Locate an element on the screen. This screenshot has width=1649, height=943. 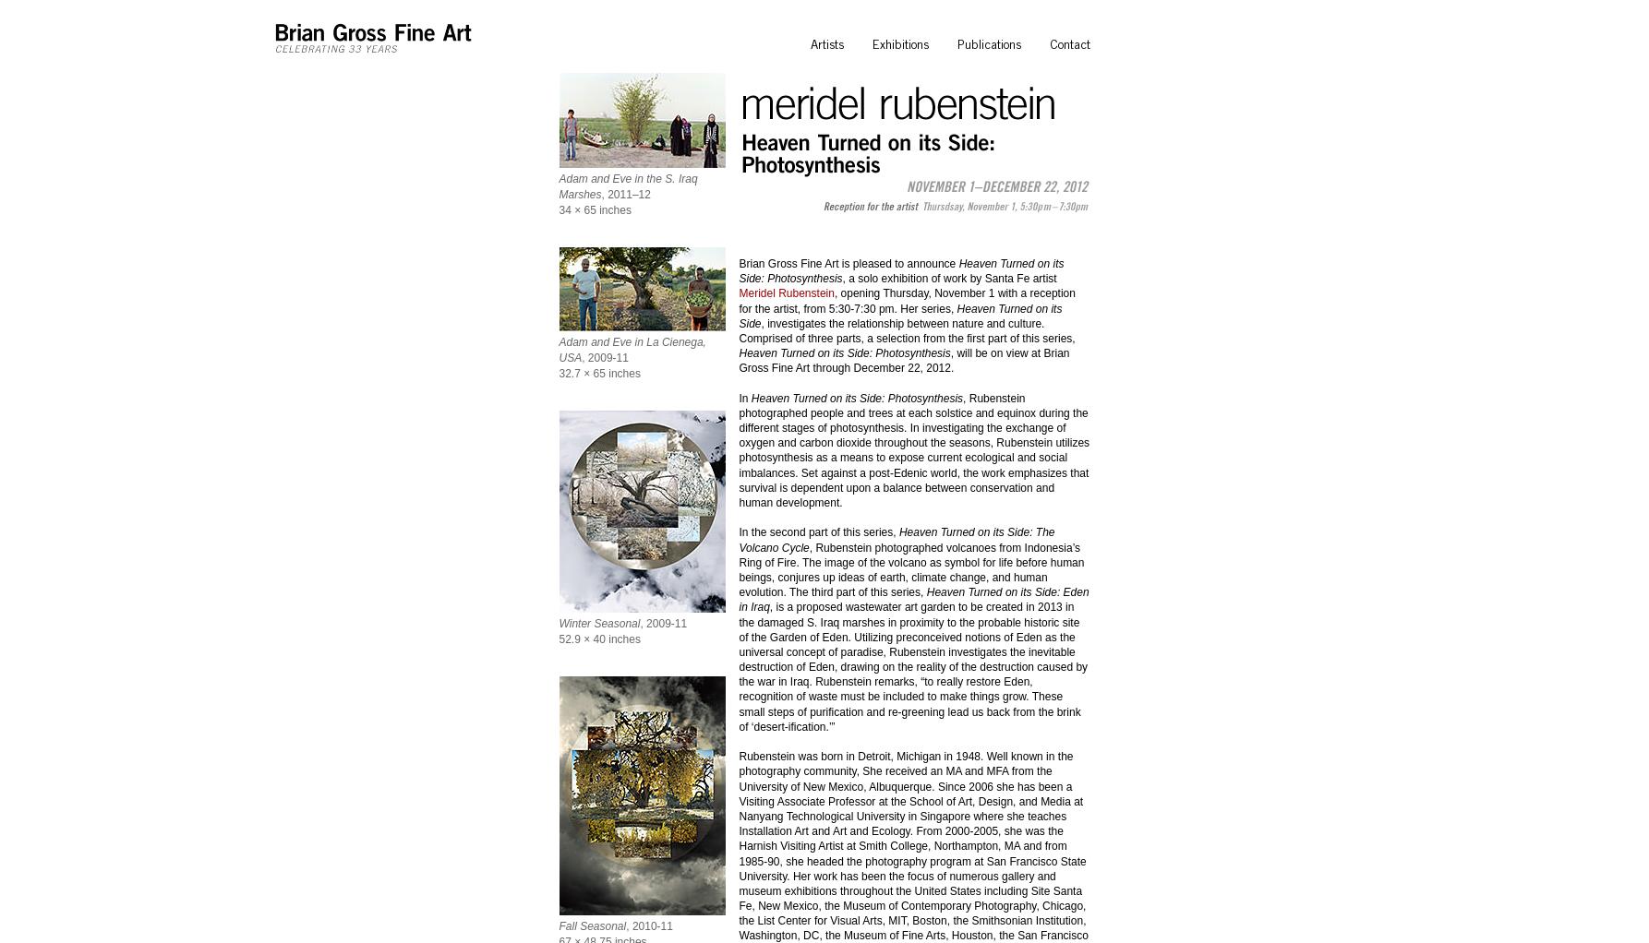
'Adam and Eve in La Cienega, USA' is located at coordinates (632, 349).